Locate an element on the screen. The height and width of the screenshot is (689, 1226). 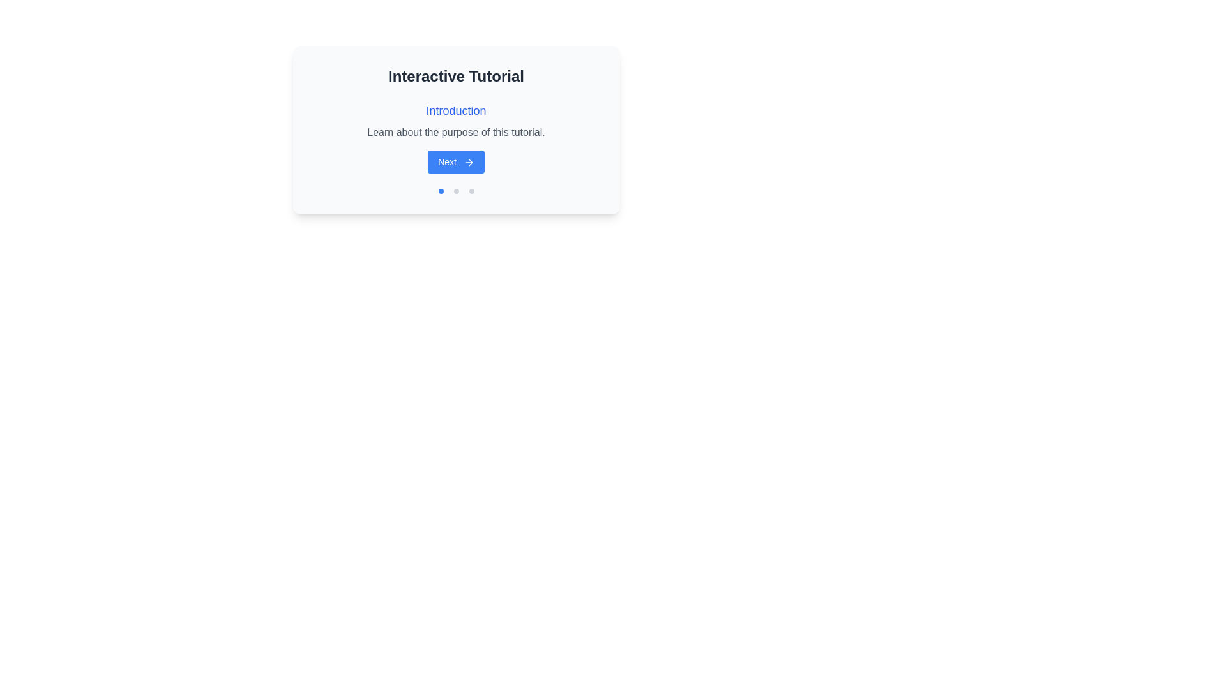
the statically styled text label that reads 'Learn about the purpose of this tutorial.' which is positioned directly below the title 'Introduction.' is located at coordinates (456, 133).